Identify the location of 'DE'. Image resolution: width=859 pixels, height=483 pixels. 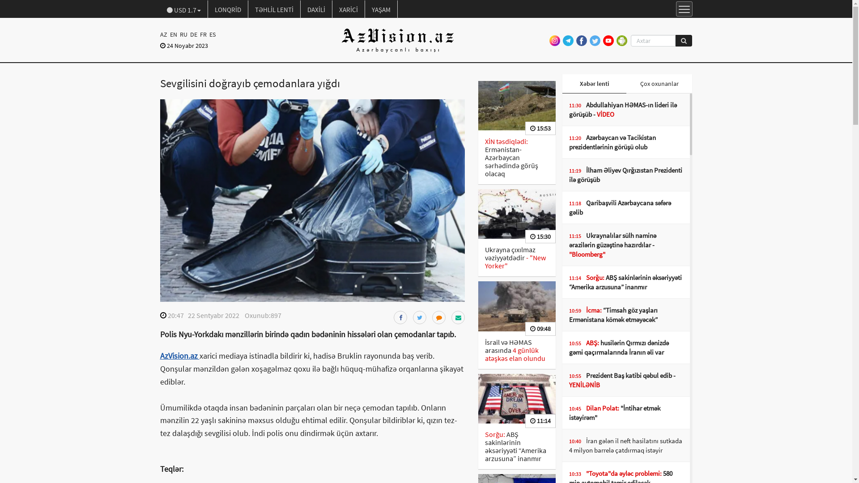
(193, 34).